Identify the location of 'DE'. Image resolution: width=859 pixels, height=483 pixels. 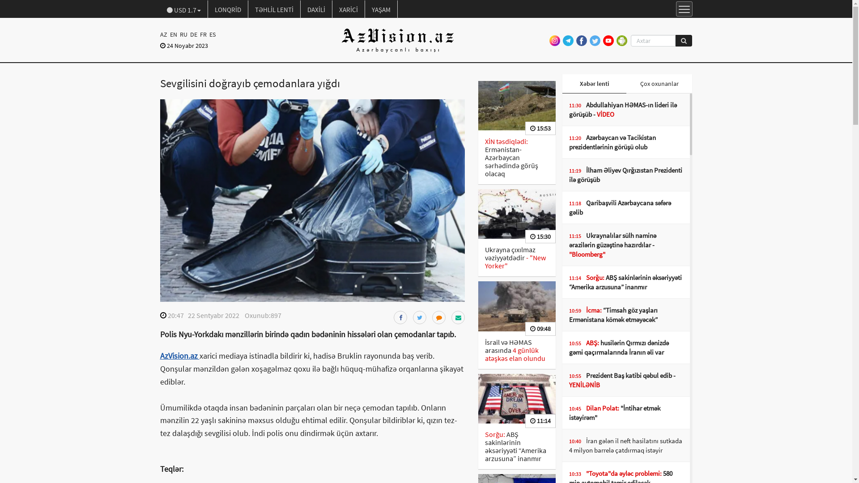
(193, 34).